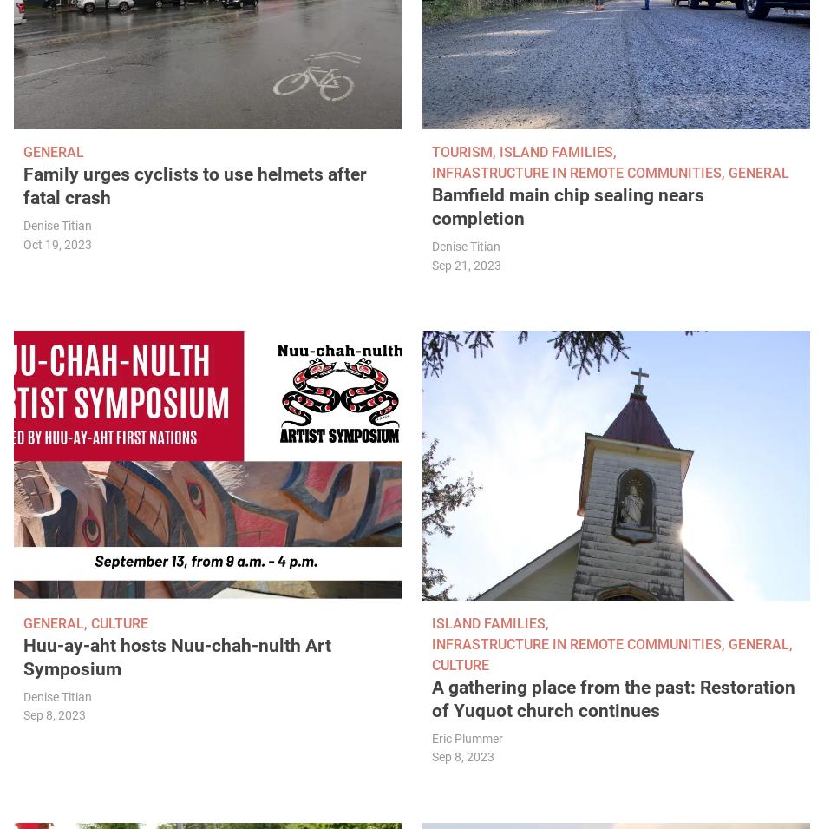 The width and height of the screenshot is (824, 829). Describe the element at coordinates (431, 151) in the screenshot. I see `'Tourism'` at that location.